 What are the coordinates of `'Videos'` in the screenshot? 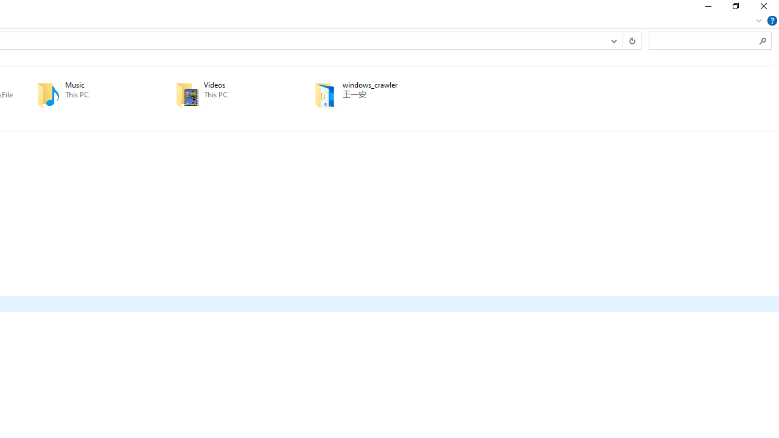 It's located at (228, 94).